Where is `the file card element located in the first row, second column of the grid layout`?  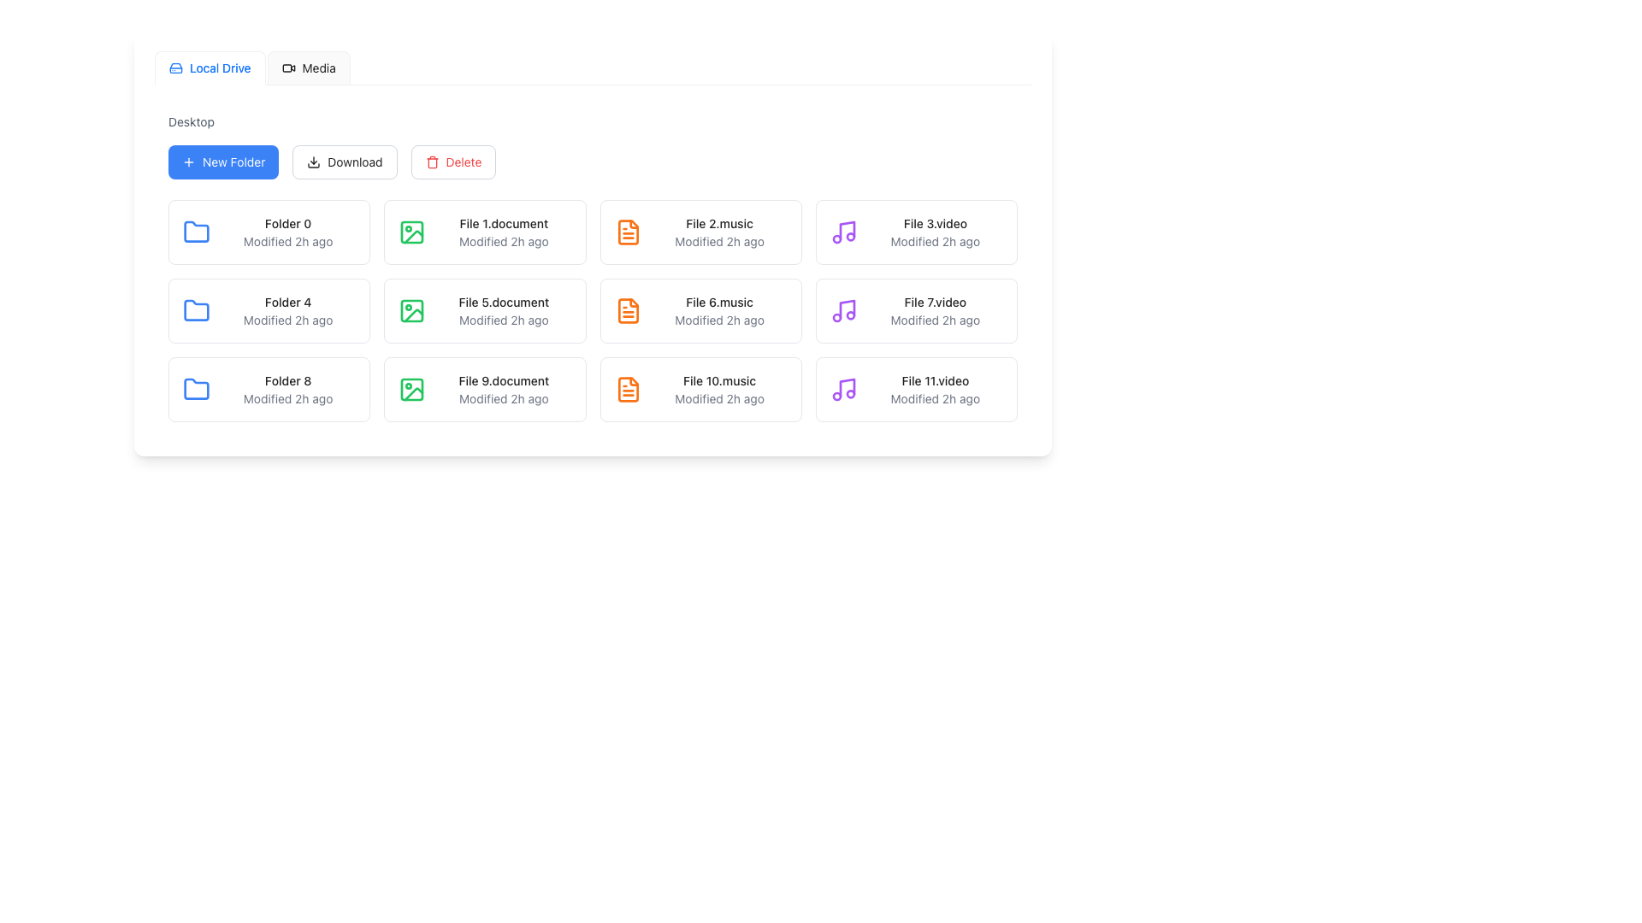
the file card element located in the first row, second column of the grid layout is located at coordinates (484, 232).